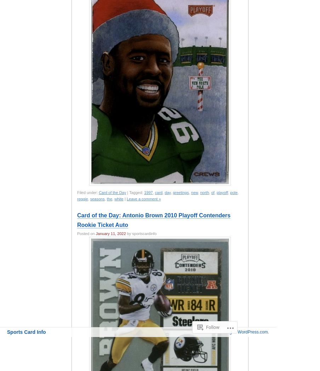 The height and width of the screenshot is (371, 320). I want to click on 'day', so click(164, 192).